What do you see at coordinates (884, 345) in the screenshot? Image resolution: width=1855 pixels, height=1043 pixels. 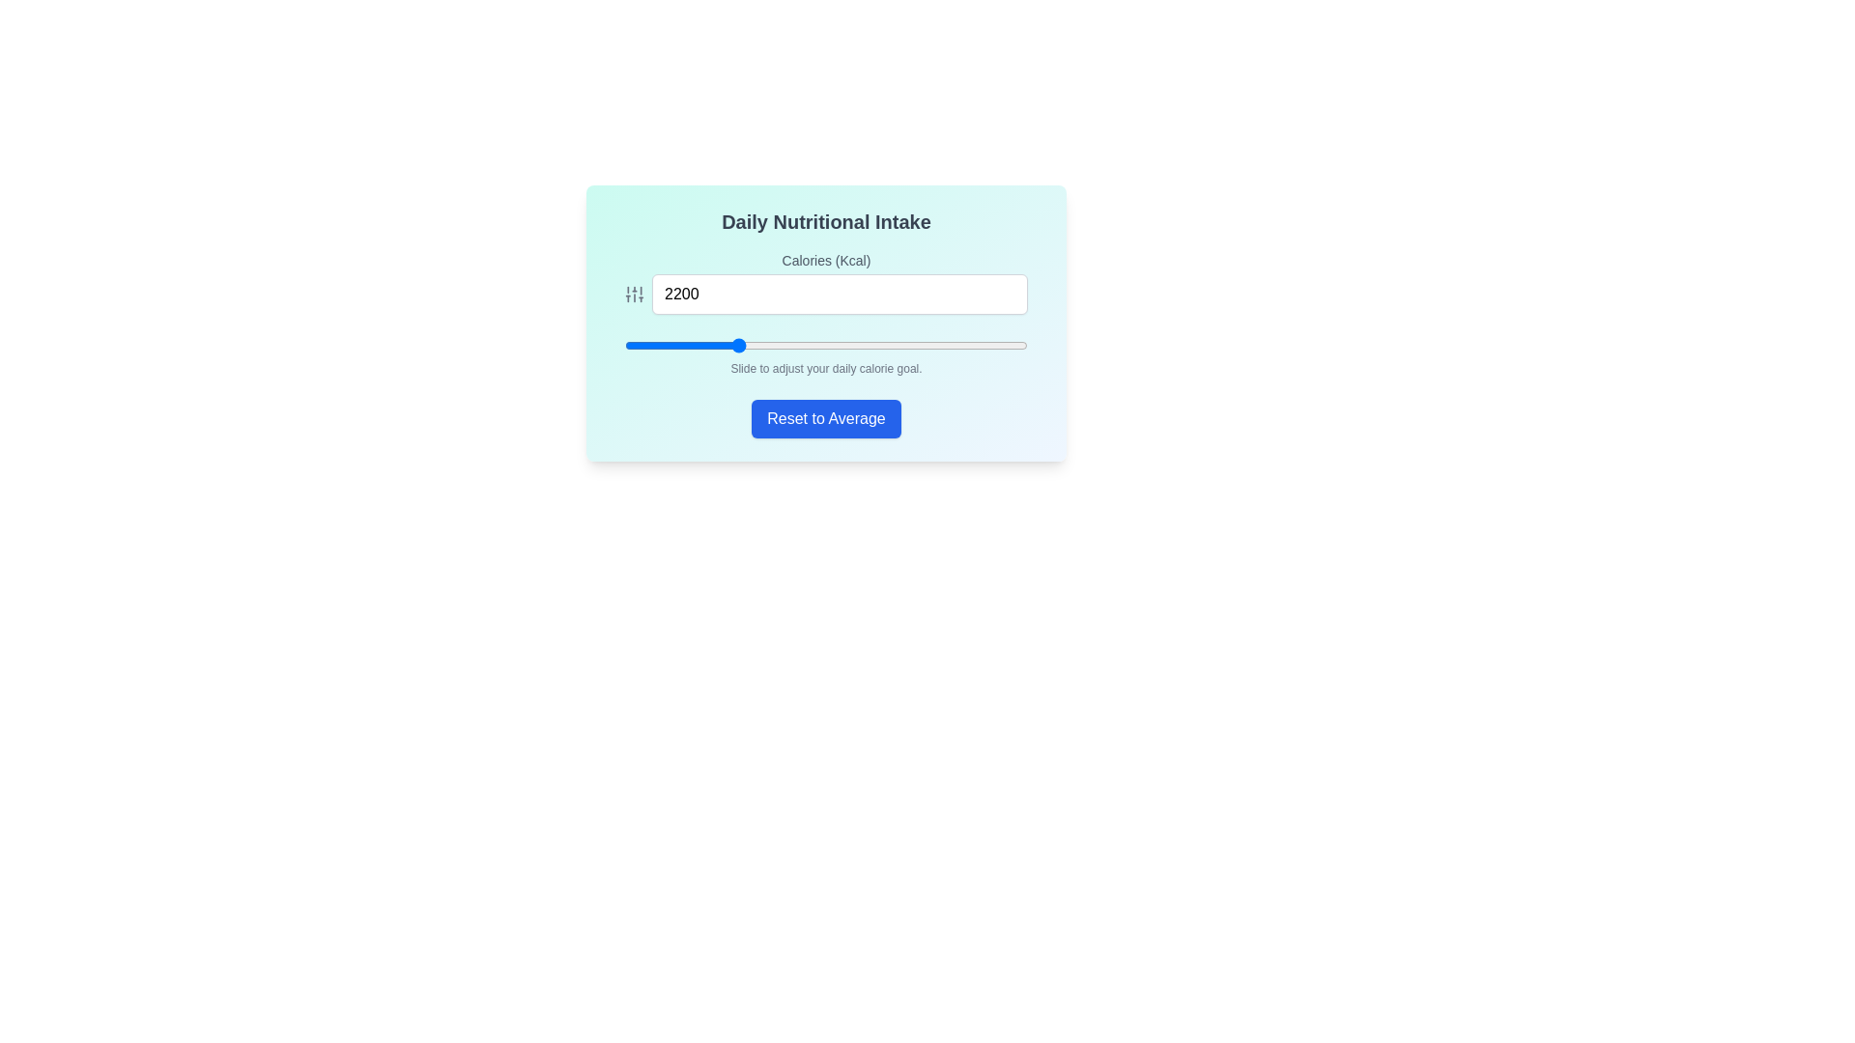 I see `daily calorie intake goal` at bounding box center [884, 345].